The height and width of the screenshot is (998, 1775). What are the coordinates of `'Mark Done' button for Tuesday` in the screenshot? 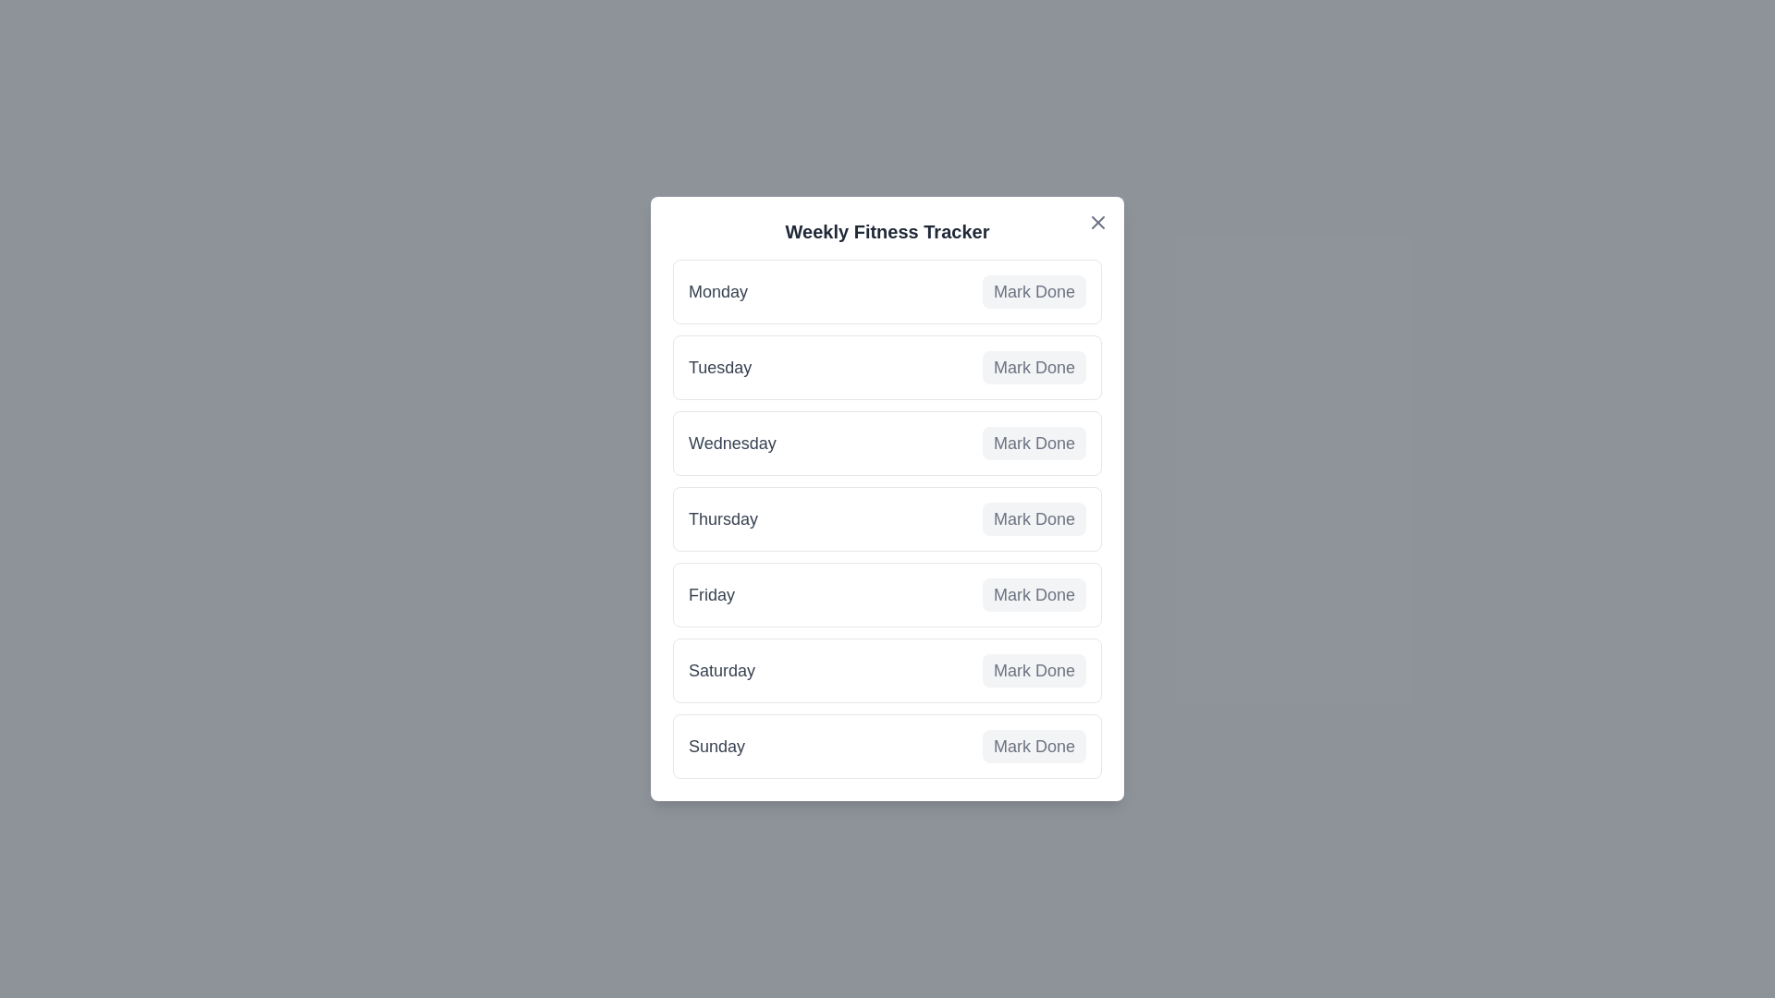 It's located at (1033, 367).